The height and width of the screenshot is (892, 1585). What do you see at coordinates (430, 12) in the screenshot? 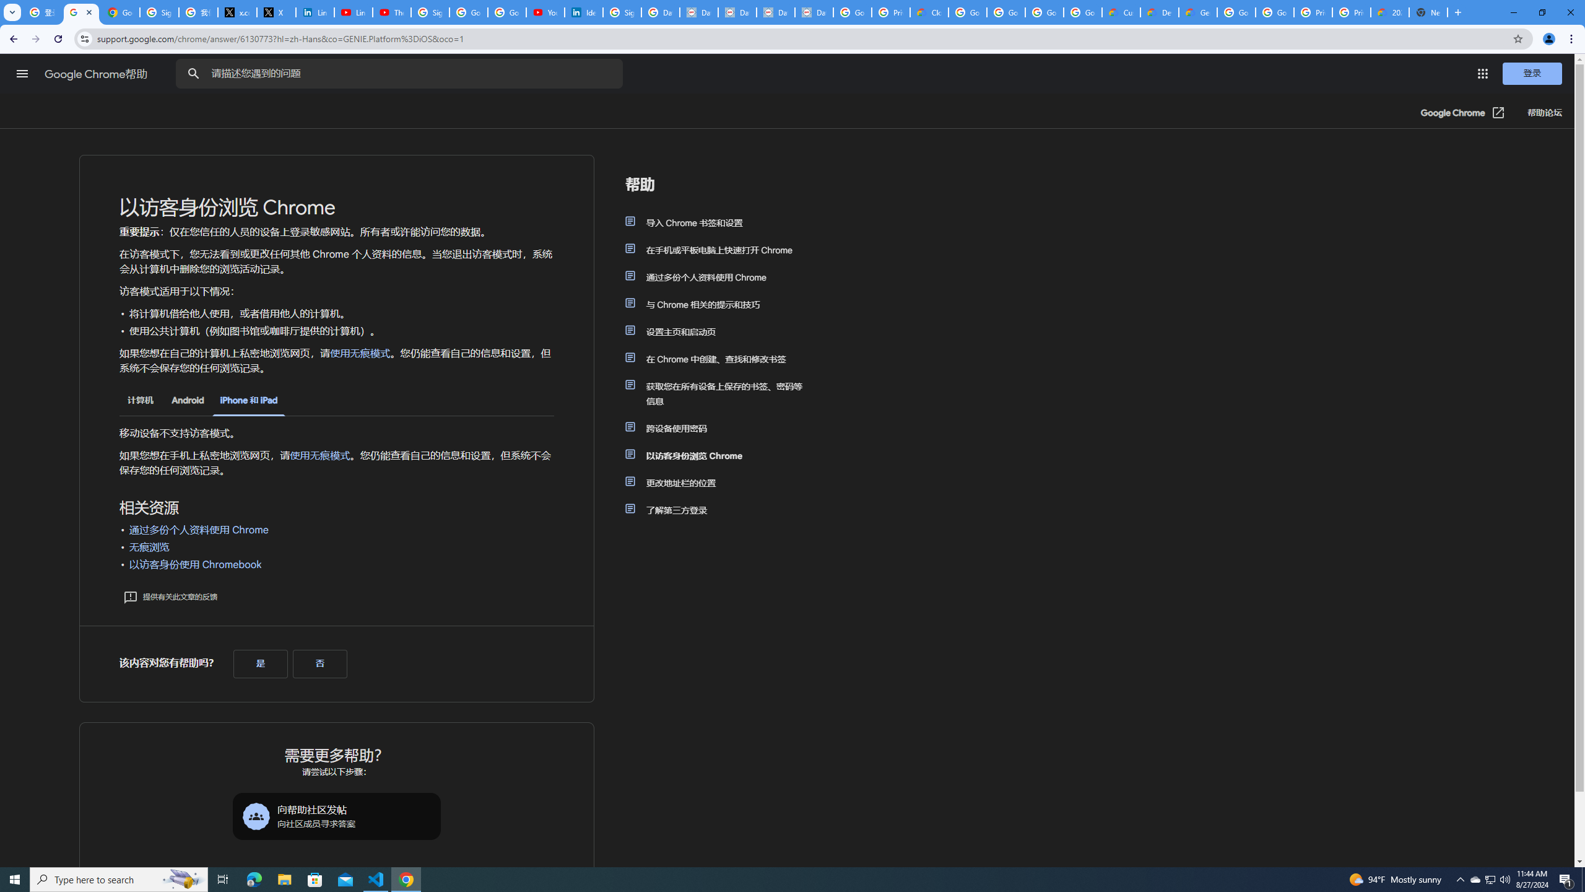
I see `'Sign in - Google Accounts'` at bounding box center [430, 12].